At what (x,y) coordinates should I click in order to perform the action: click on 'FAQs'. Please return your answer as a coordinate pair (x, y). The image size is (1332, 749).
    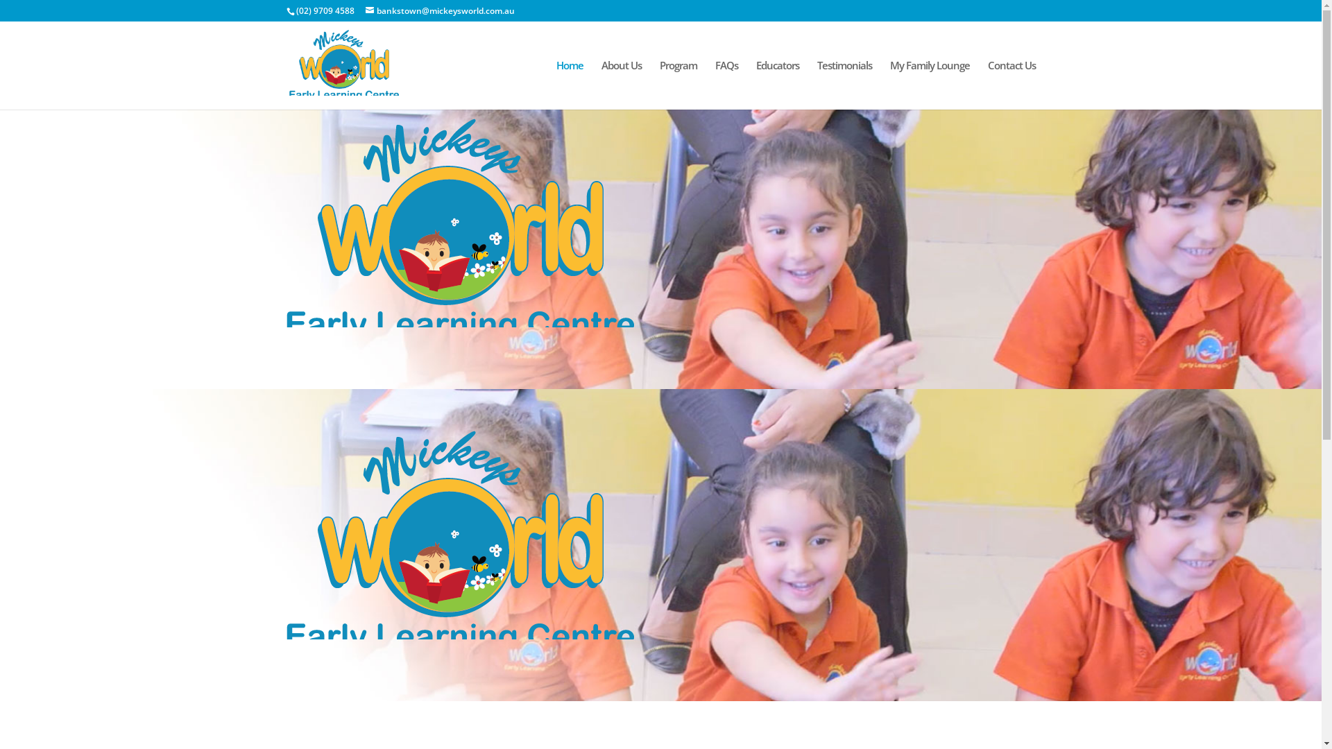
    Looking at the image, I should click on (725, 85).